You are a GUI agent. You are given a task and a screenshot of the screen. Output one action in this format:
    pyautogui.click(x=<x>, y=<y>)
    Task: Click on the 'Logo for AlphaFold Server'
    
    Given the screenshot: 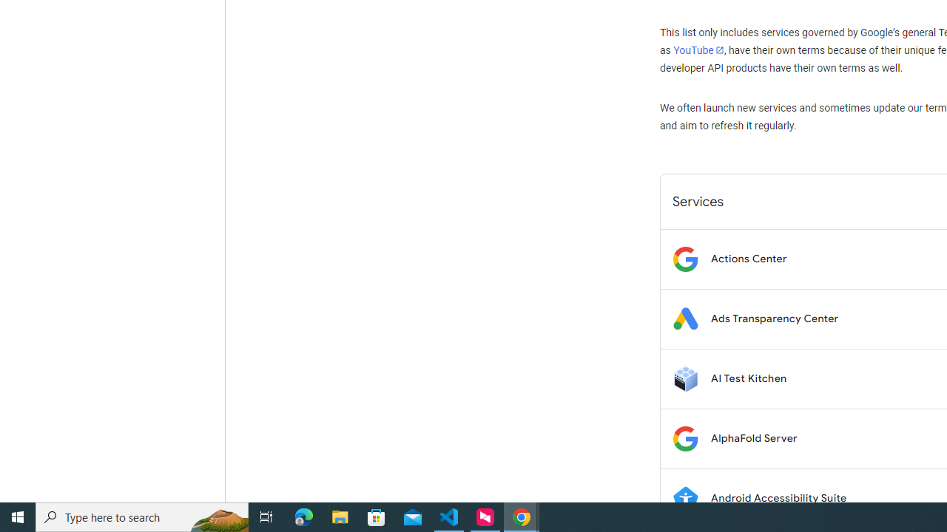 What is the action you would take?
    pyautogui.click(x=684, y=437)
    